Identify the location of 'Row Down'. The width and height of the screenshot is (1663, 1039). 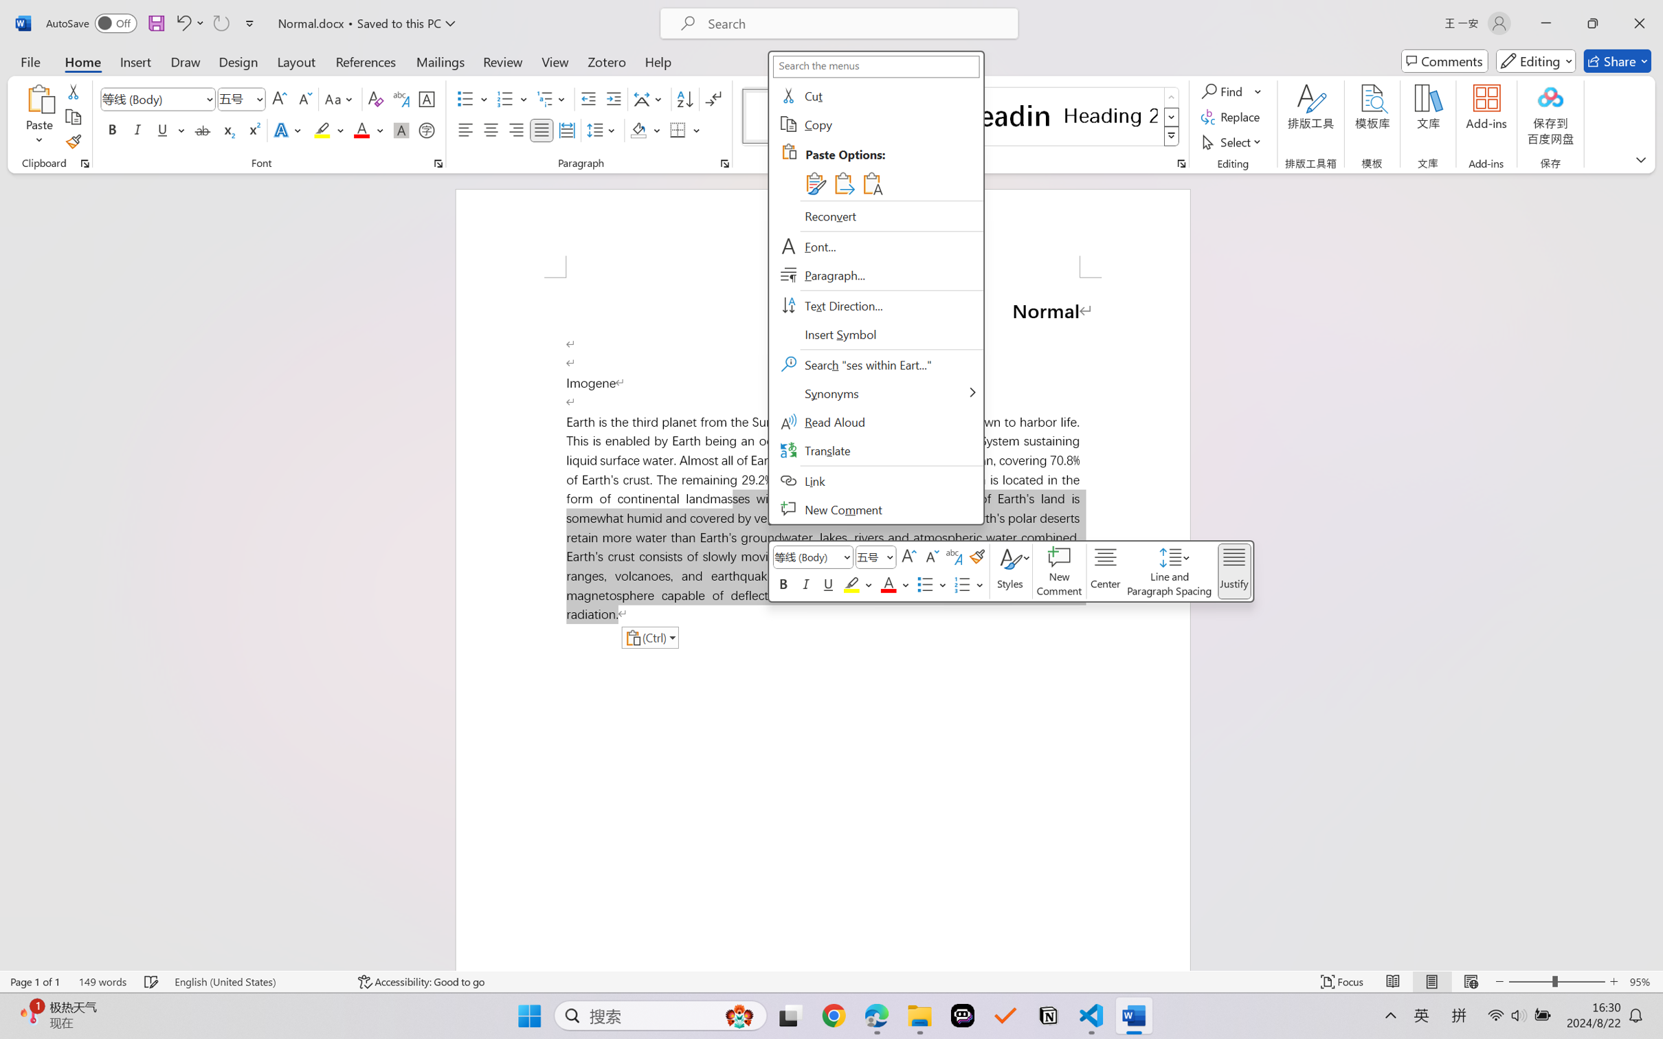
(1170, 117).